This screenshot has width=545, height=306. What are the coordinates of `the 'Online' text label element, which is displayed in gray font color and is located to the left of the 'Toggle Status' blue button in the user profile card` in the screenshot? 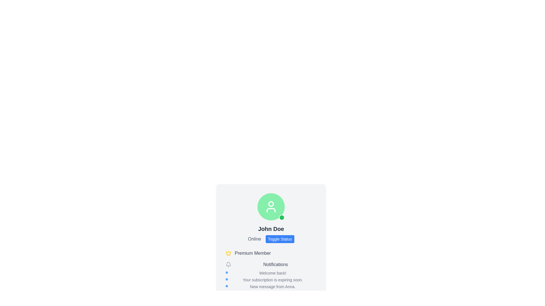 It's located at (254, 239).